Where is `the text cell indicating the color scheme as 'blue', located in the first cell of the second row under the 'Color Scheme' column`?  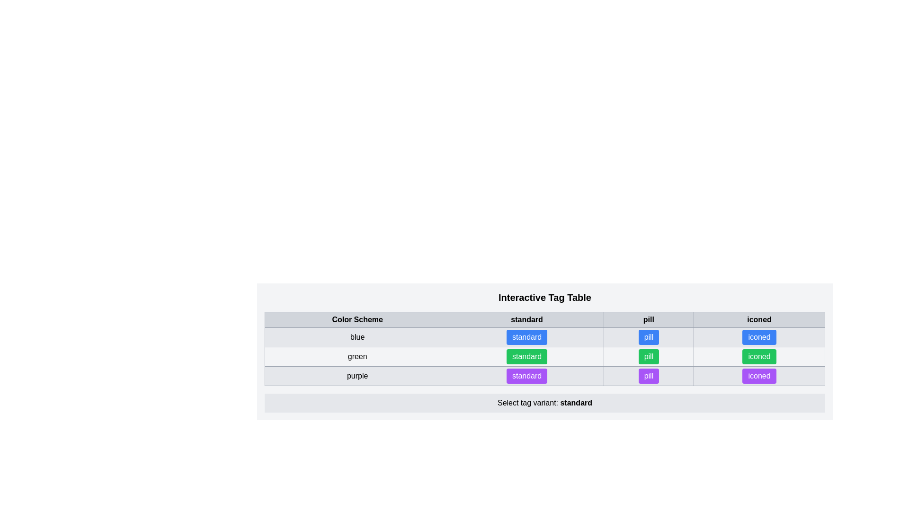
the text cell indicating the color scheme as 'blue', located in the first cell of the second row under the 'Color Scheme' column is located at coordinates (357, 337).